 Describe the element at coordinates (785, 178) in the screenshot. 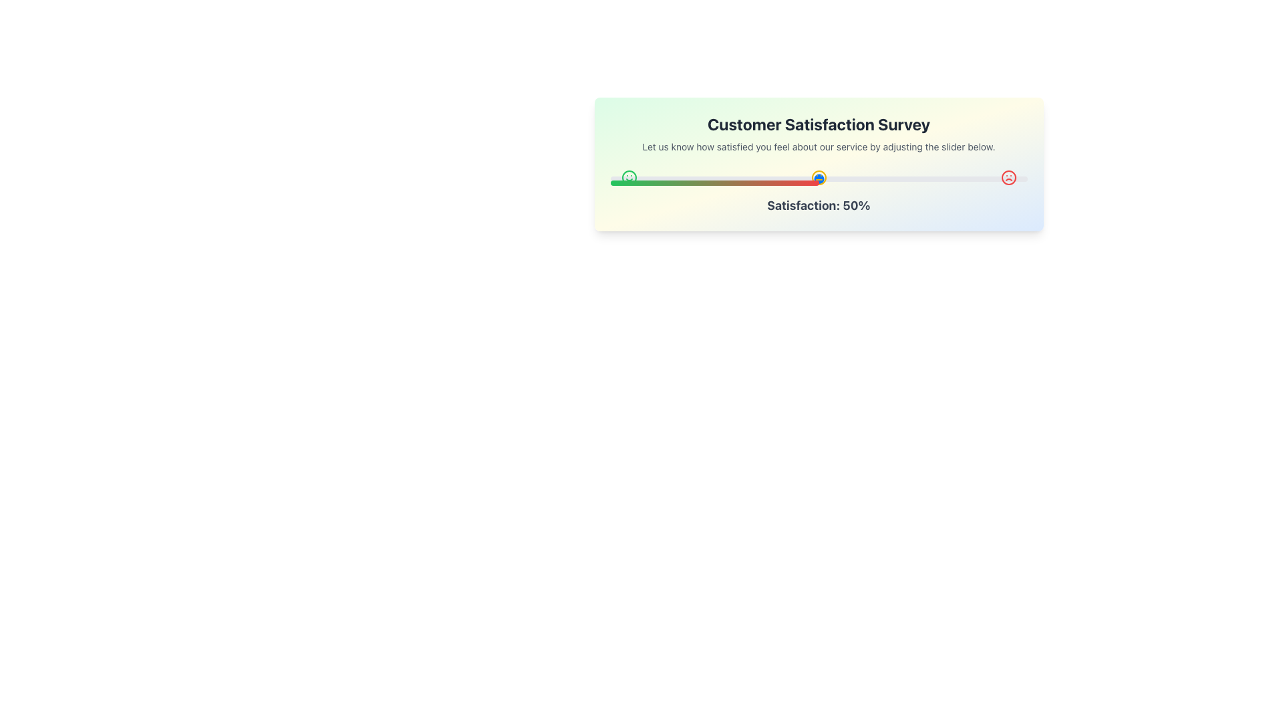

I see `satisfaction level` at that location.